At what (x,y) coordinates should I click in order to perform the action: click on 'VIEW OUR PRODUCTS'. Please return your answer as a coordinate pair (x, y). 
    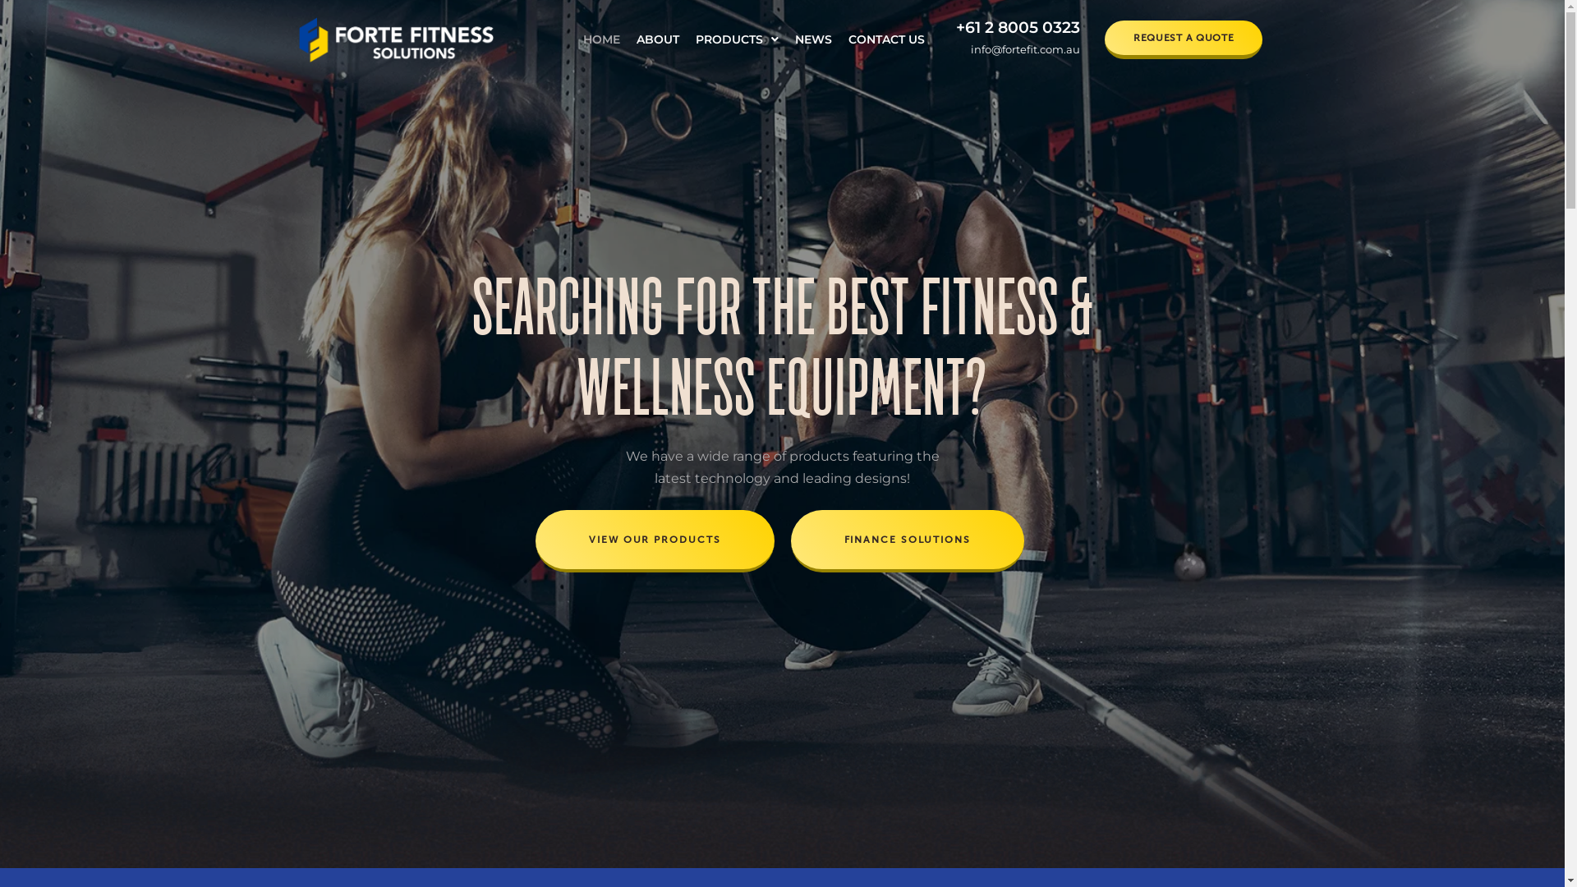
    Looking at the image, I should click on (653, 541).